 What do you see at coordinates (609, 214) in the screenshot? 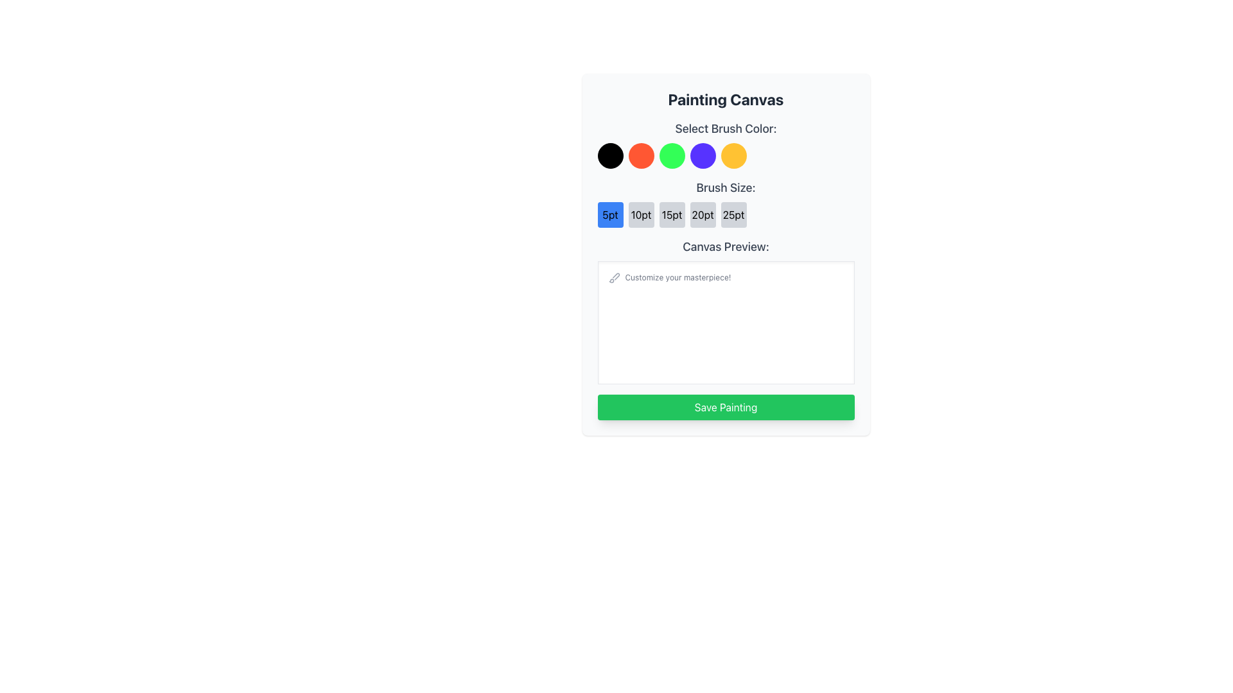
I see `the brush size button labeled '5pt'` at bounding box center [609, 214].